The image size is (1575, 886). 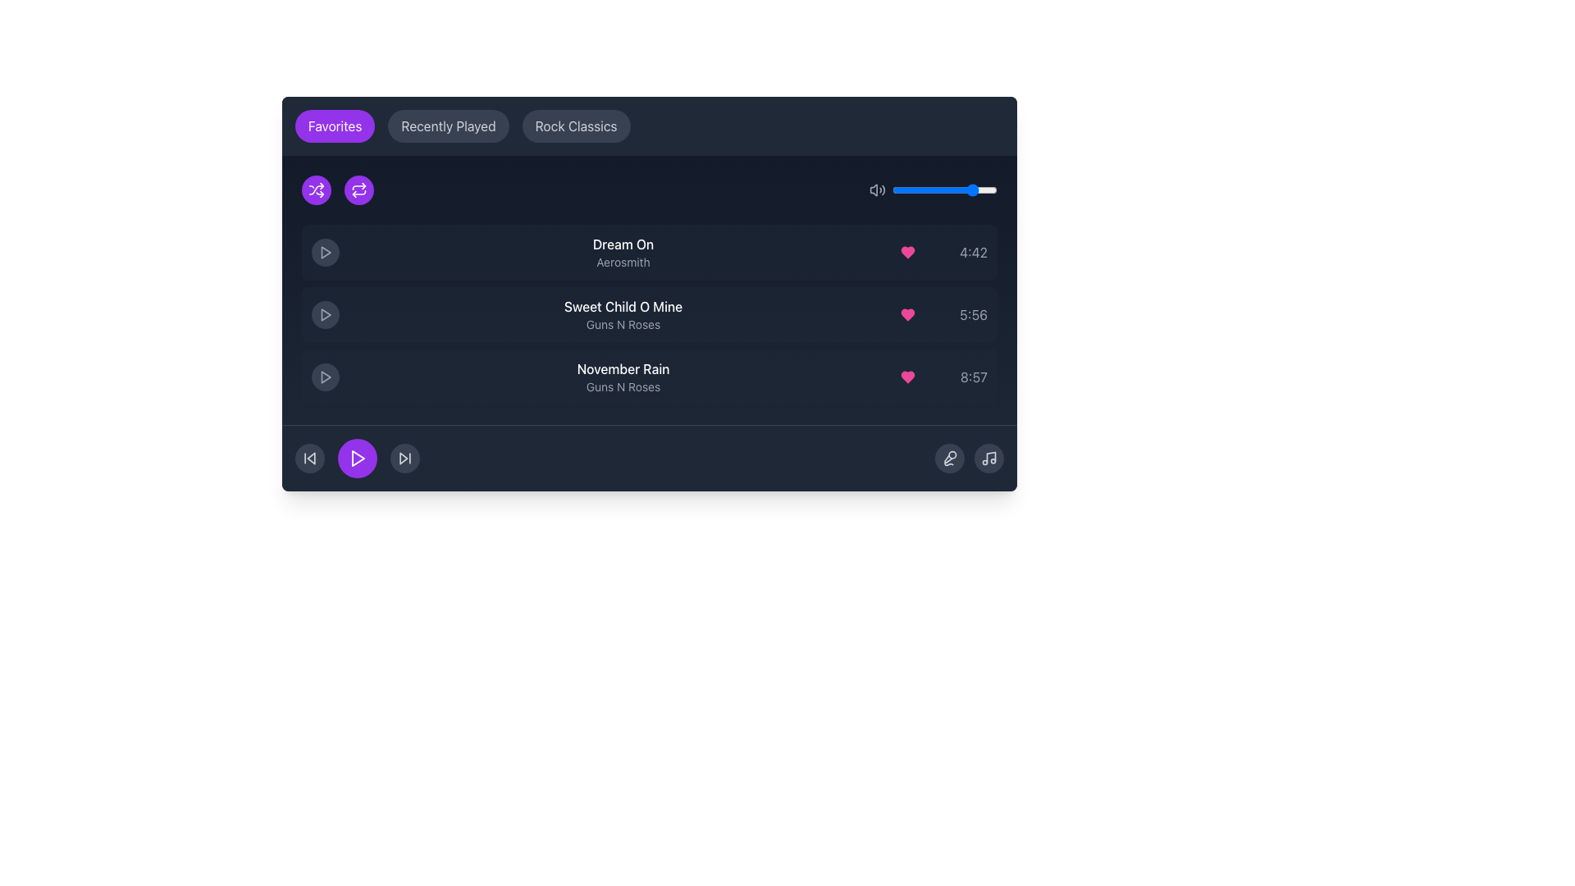 I want to click on the circular button with a dark gray background and a musical note icon in the bottom-right corner of the control panel for navigation, so click(x=988, y=459).